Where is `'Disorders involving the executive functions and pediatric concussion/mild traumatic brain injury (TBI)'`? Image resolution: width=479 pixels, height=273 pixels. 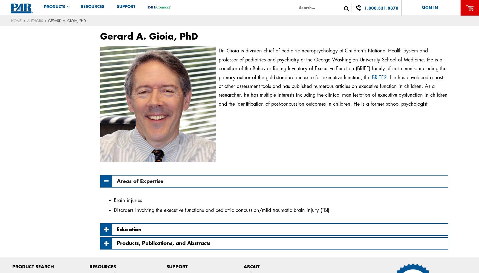 'Disorders involving the executive functions and pediatric concussion/mild traumatic brain injury (TBI)' is located at coordinates (221, 210).